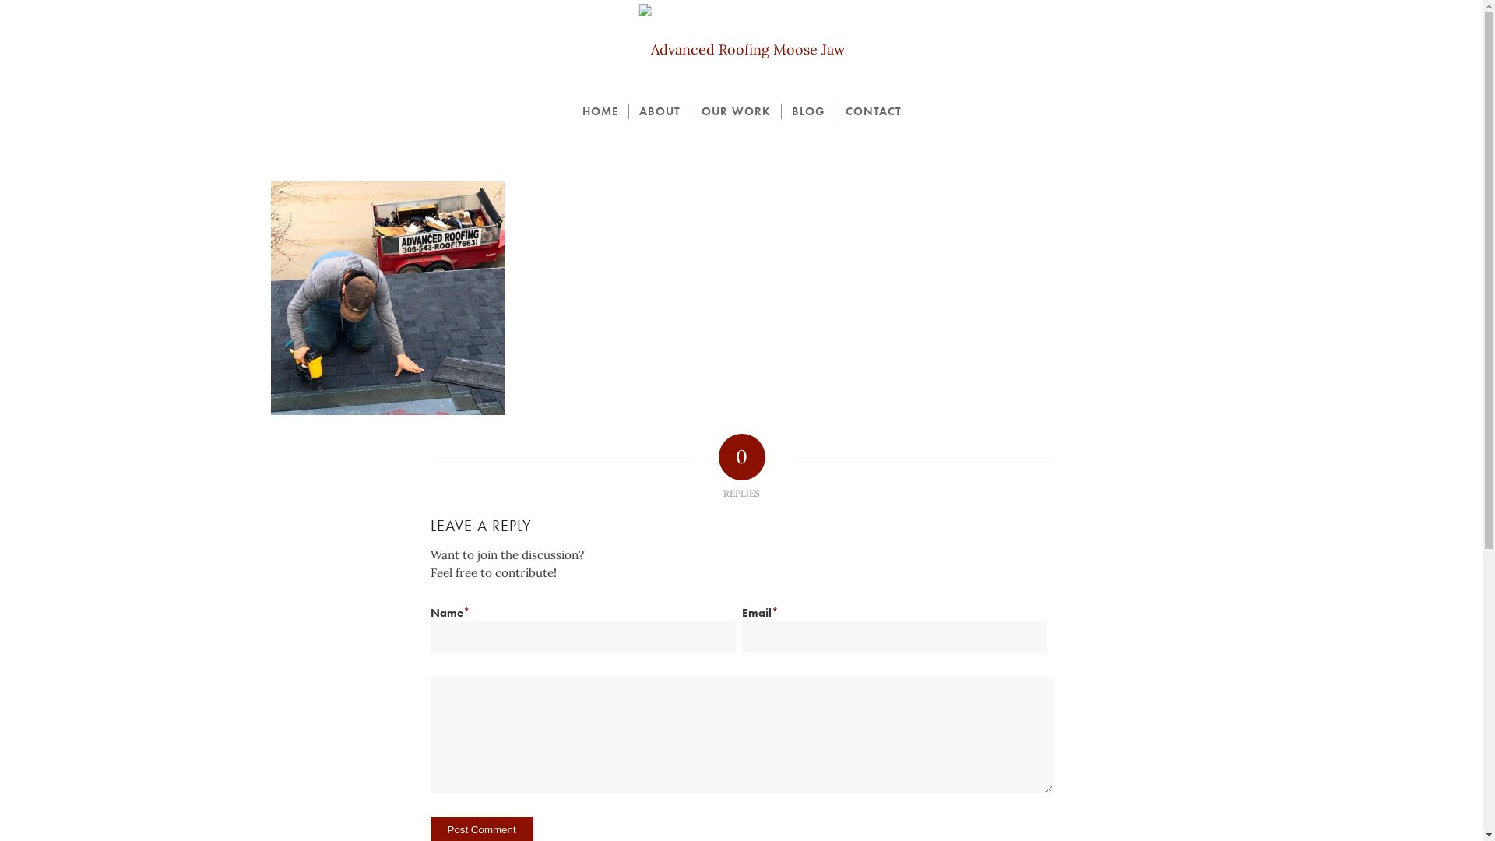 The height and width of the screenshot is (841, 1495). I want to click on 'ABOUT', so click(658, 110).